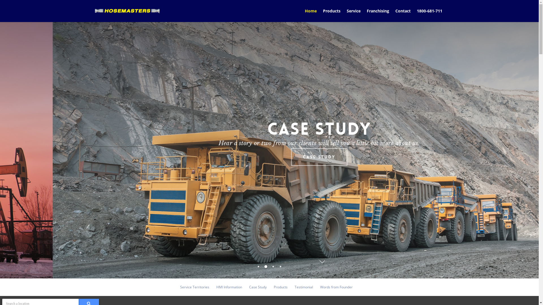 The image size is (543, 305). I want to click on 'Service Territories', so click(195, 287).